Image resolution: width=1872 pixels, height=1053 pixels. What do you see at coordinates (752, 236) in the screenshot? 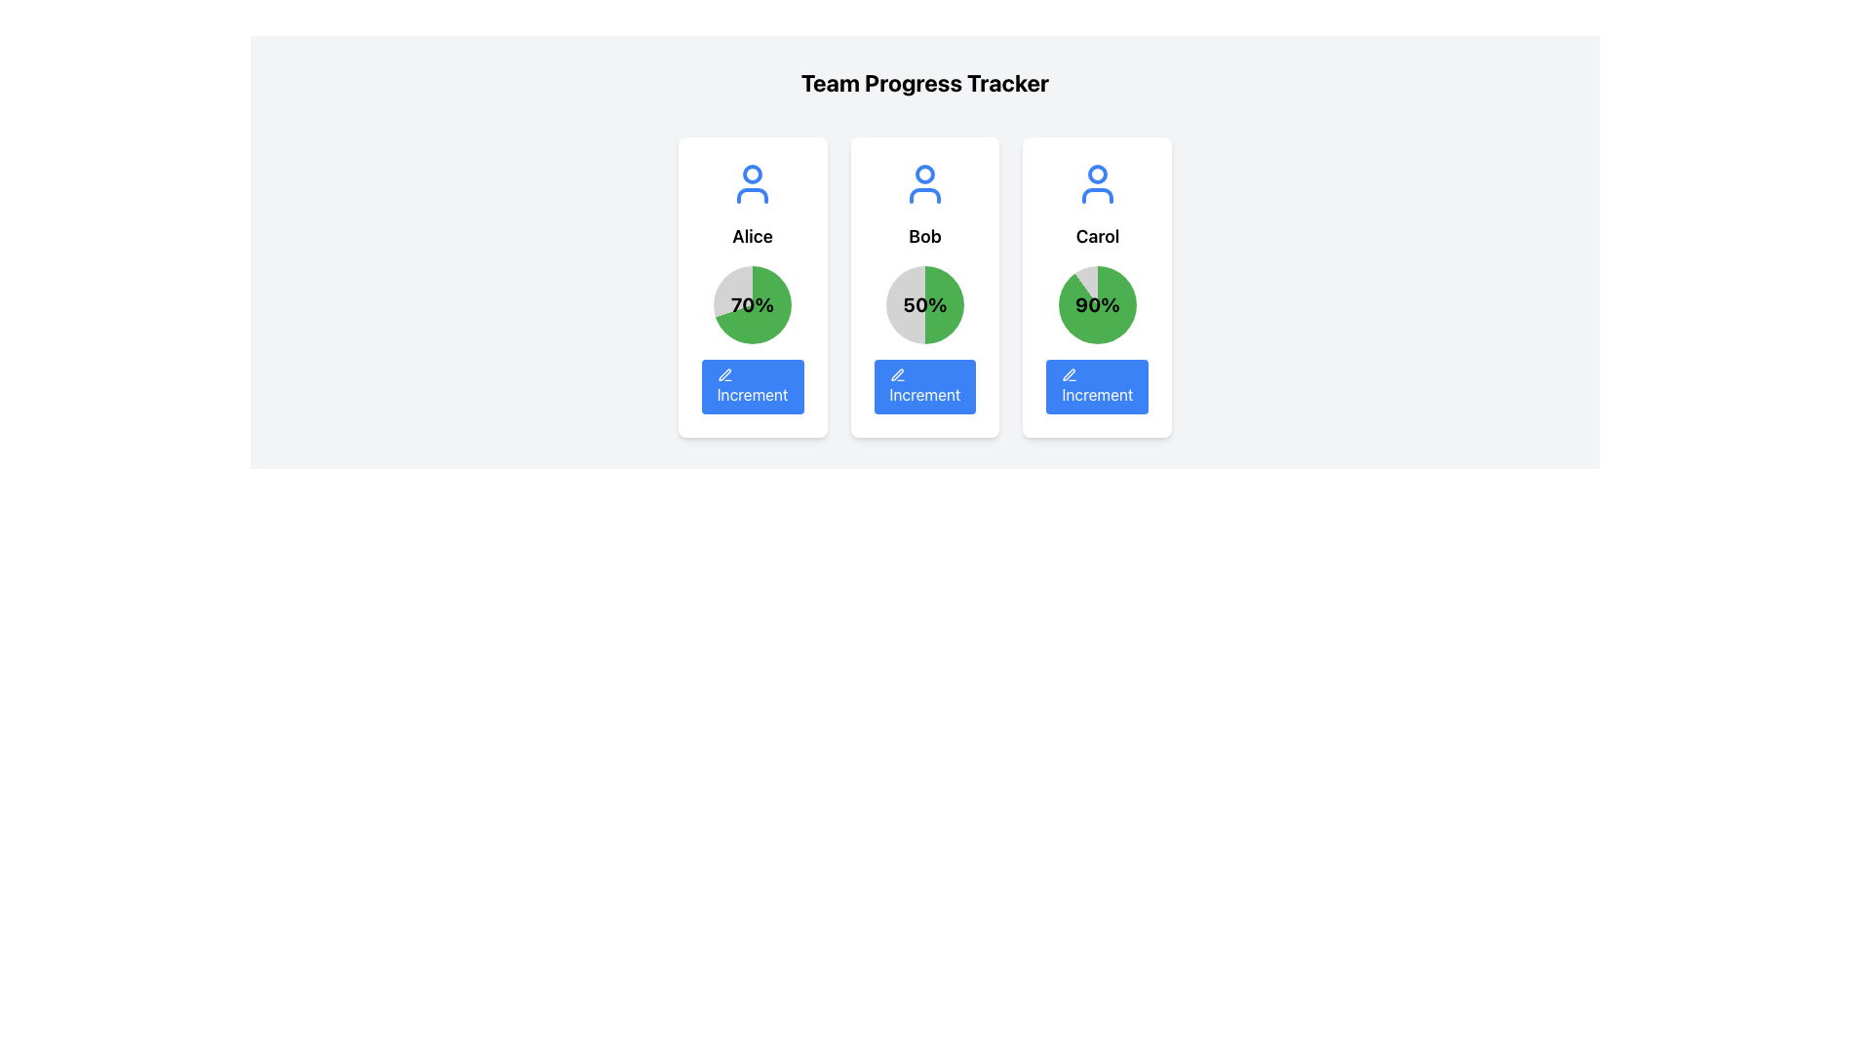
I see `the text label displaying 'Alice', which is centrally aligned within a card and located directly below a user icon and above a '70%' percentage indicator` at bounding box center [752, 236].